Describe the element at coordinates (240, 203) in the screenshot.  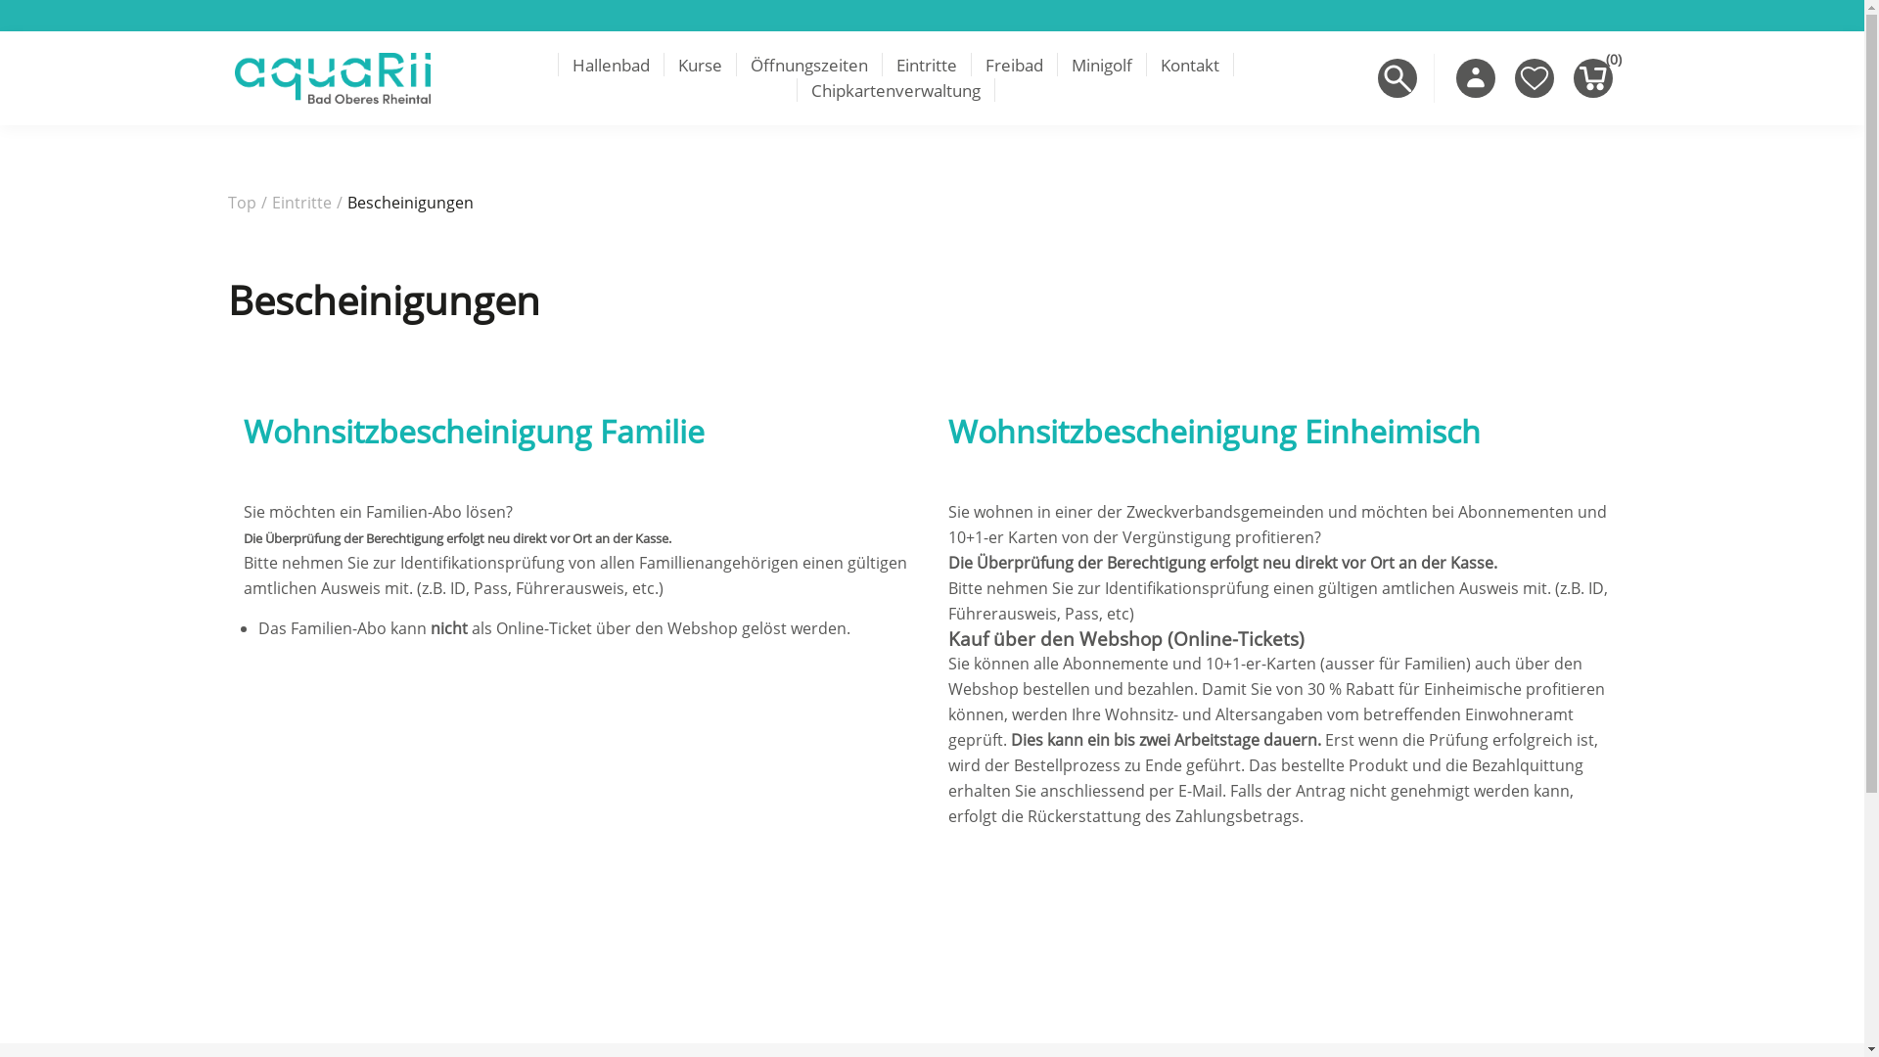
I see `'Top'` at that location.